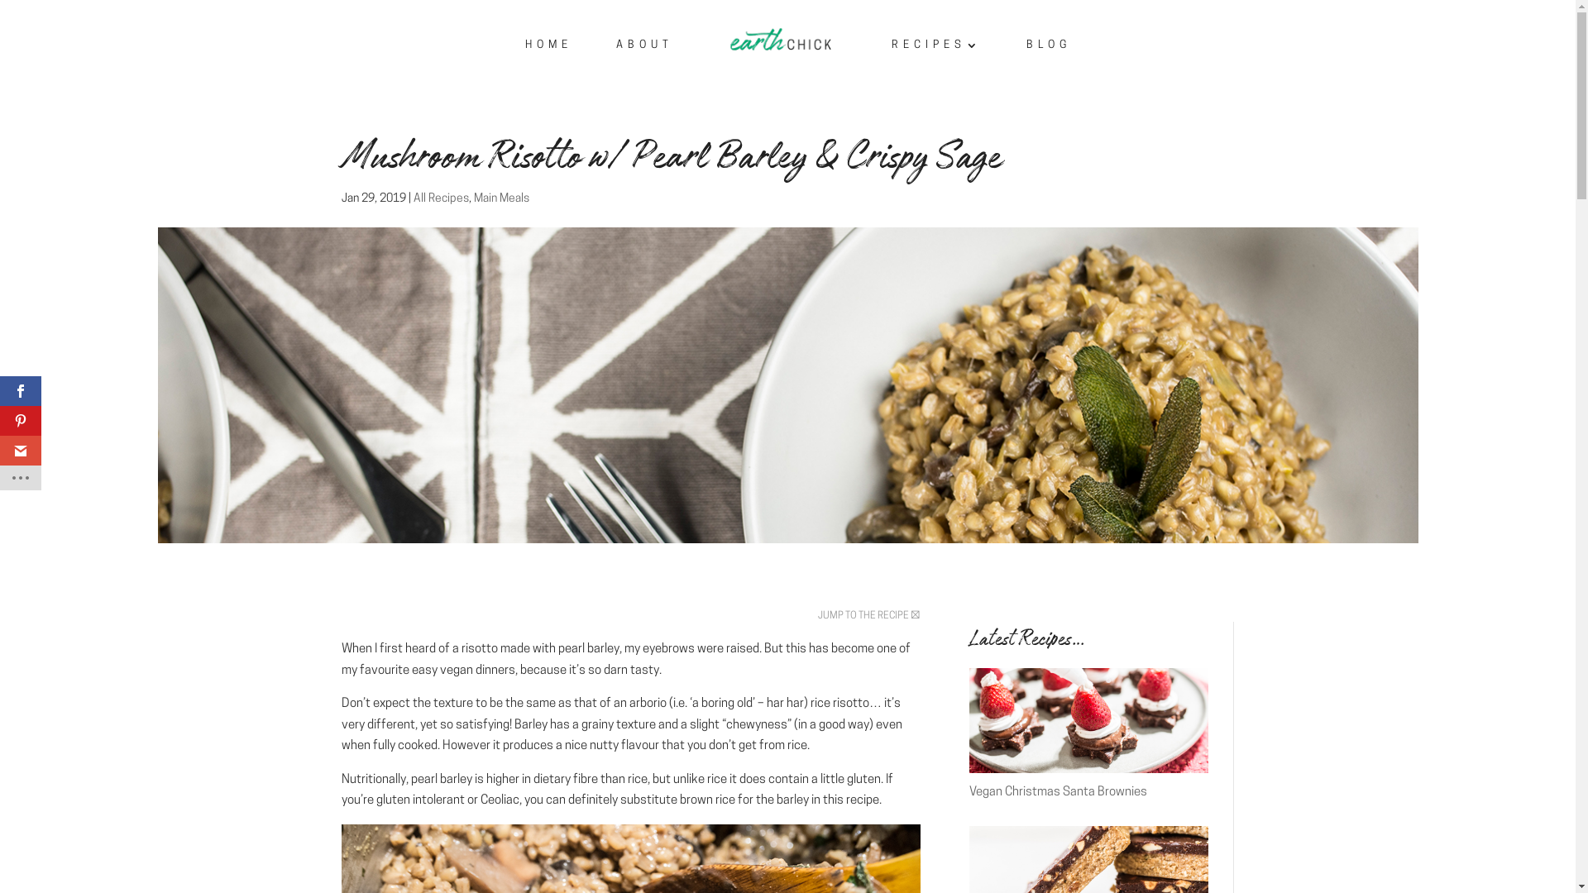  What do you see at coordinates (1047, 58) in the screenshot?
I see `'BLOG'` at bounding box center [1047, 58].